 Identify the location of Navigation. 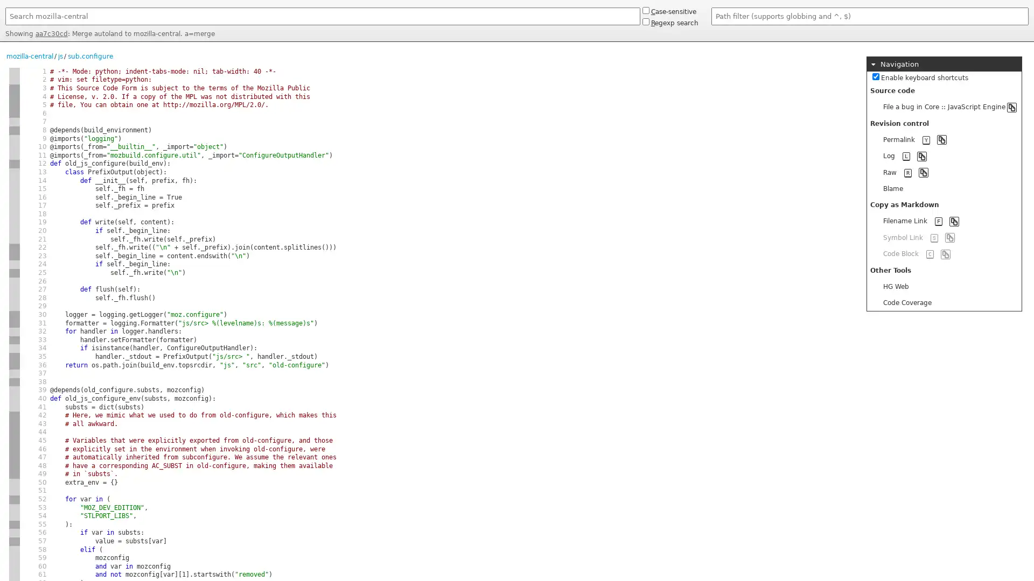
(944, 64).